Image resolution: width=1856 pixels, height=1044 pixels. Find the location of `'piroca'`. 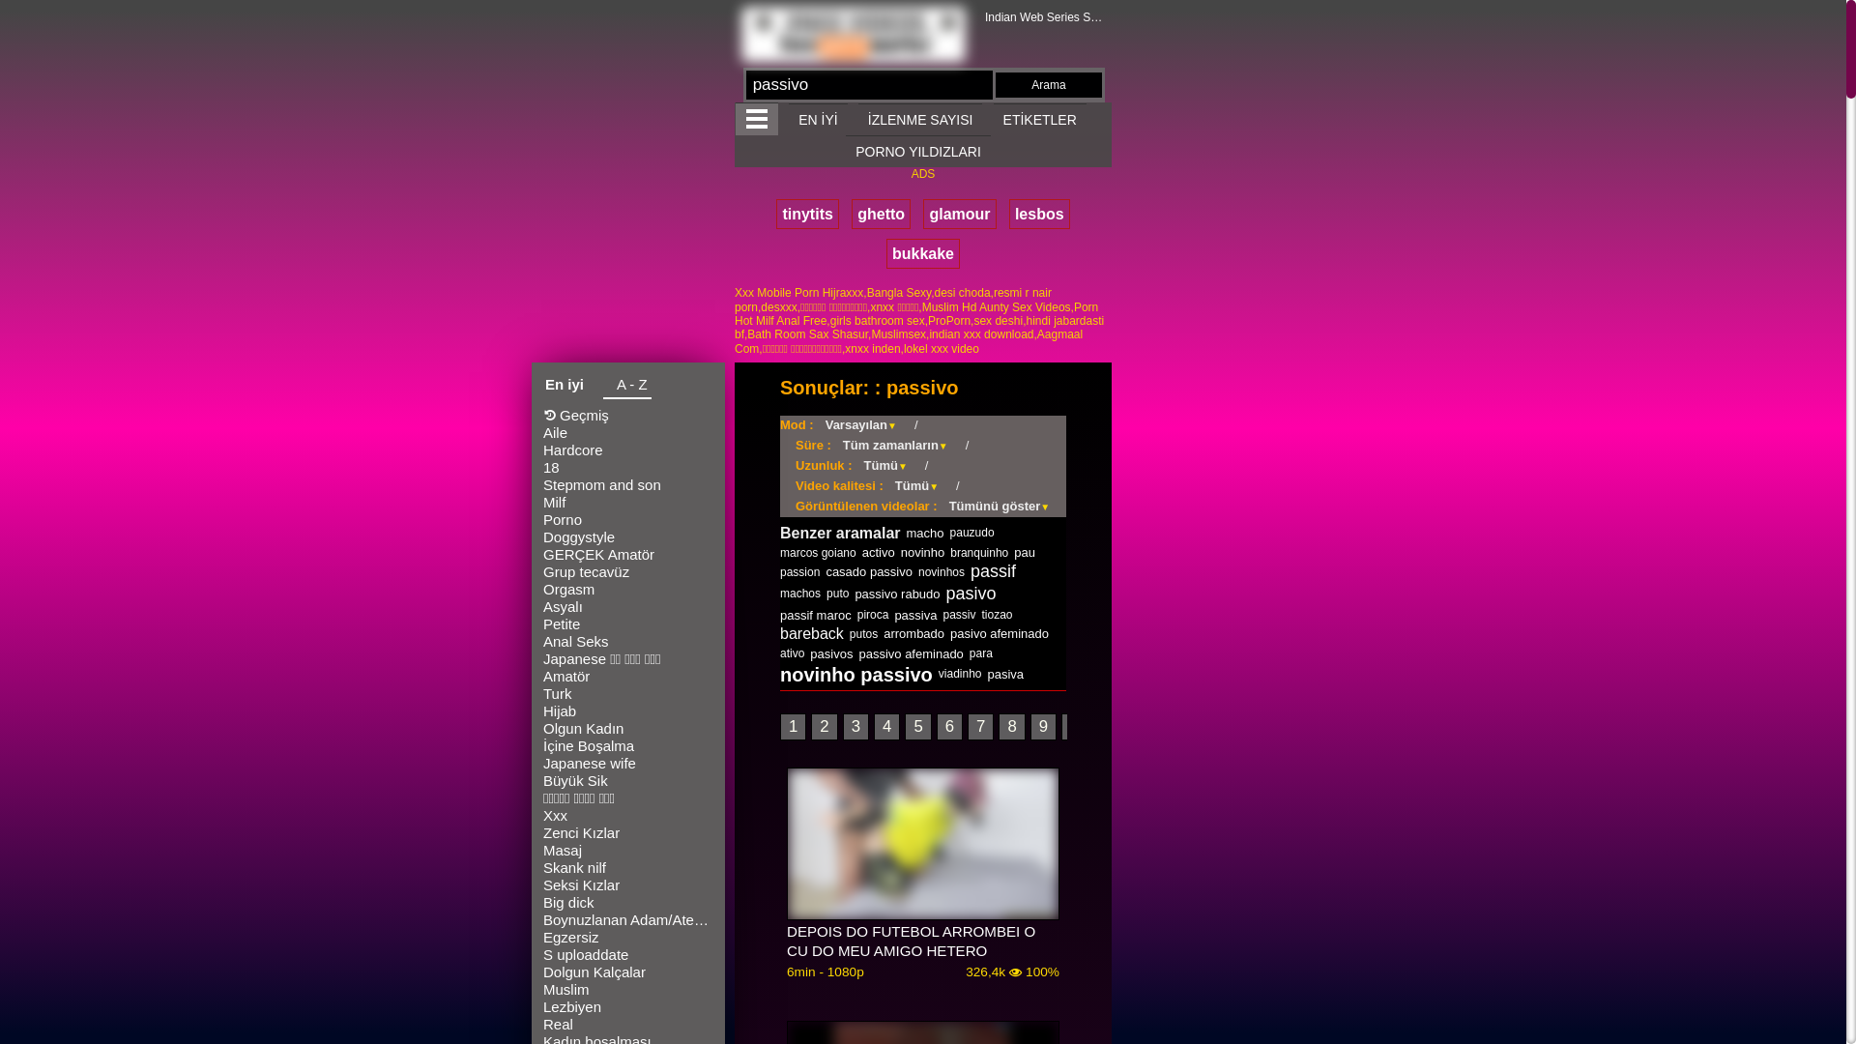

'piroca' is located at coordinates (872, 615).